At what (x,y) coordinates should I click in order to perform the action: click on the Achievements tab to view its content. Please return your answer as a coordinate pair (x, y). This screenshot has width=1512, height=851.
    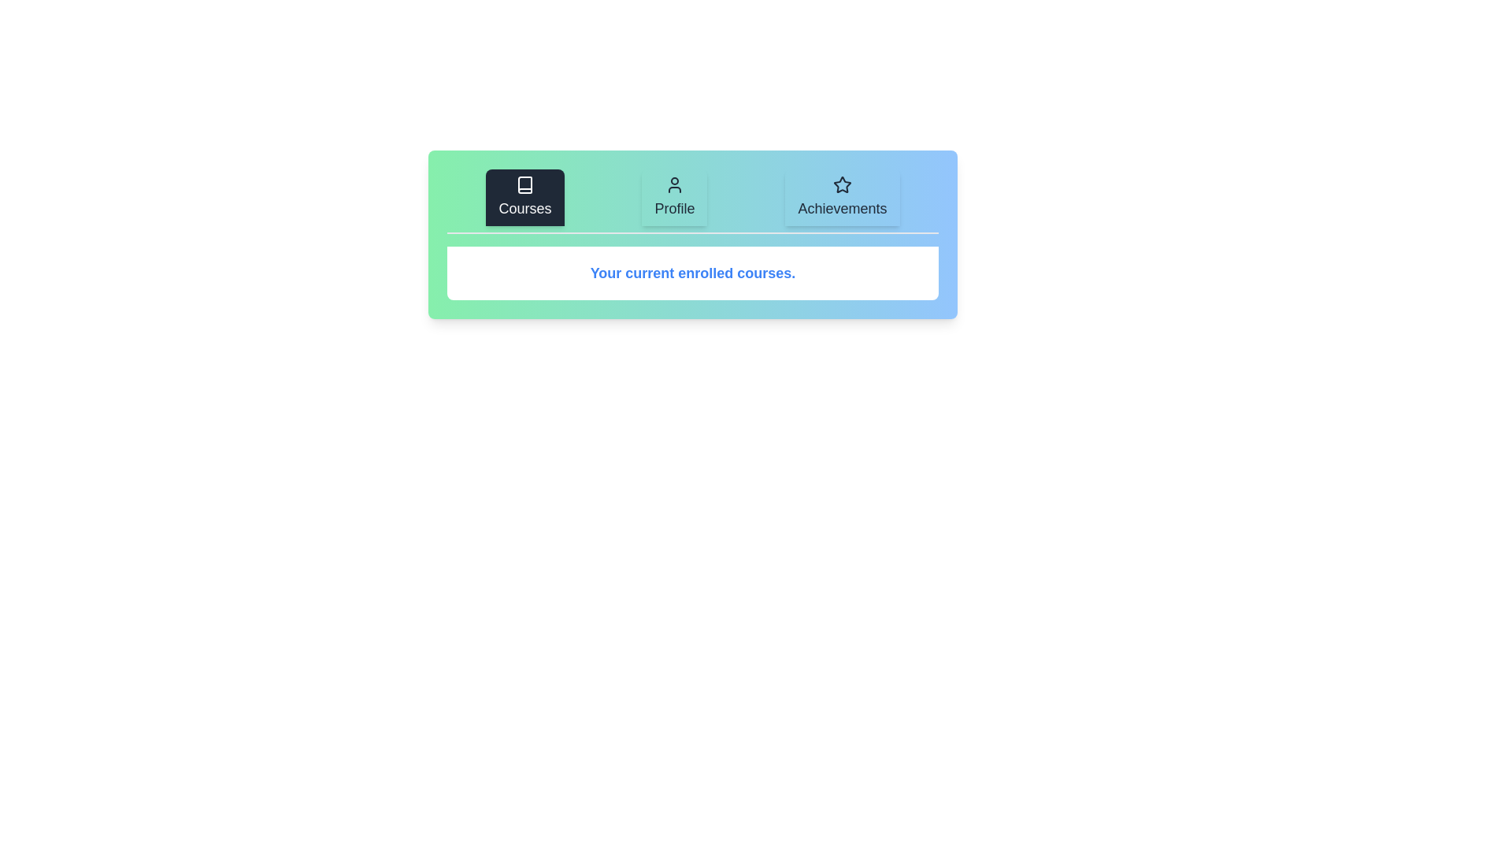
    Looking at the image, I should click on (842, 196).